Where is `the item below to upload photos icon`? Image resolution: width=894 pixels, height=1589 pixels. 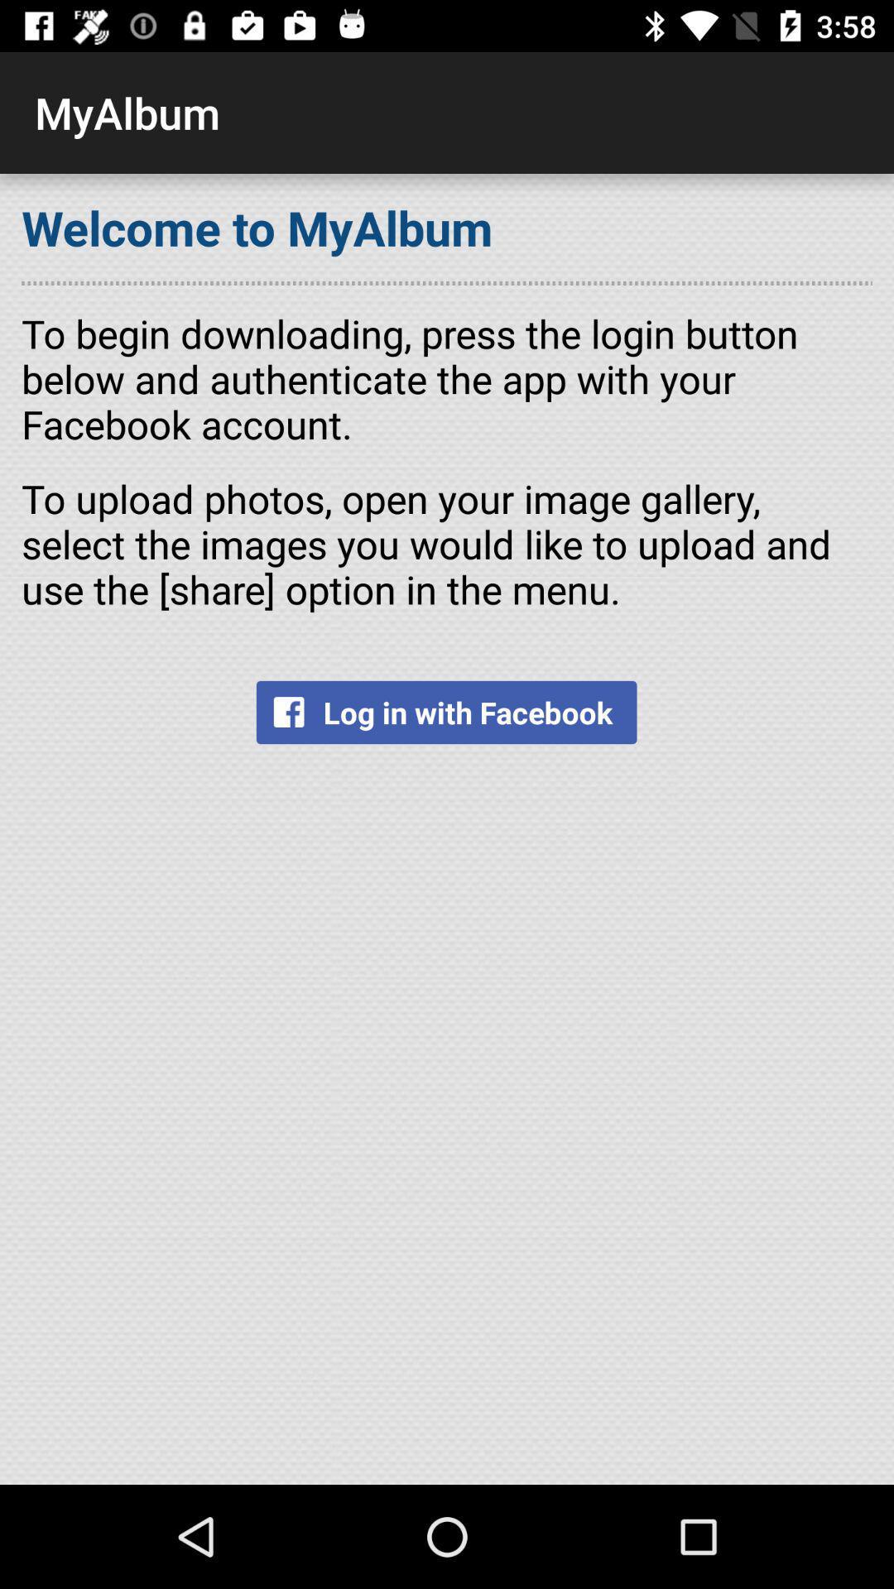
the item below to upload photos icon is located at coordinates (445, 712).